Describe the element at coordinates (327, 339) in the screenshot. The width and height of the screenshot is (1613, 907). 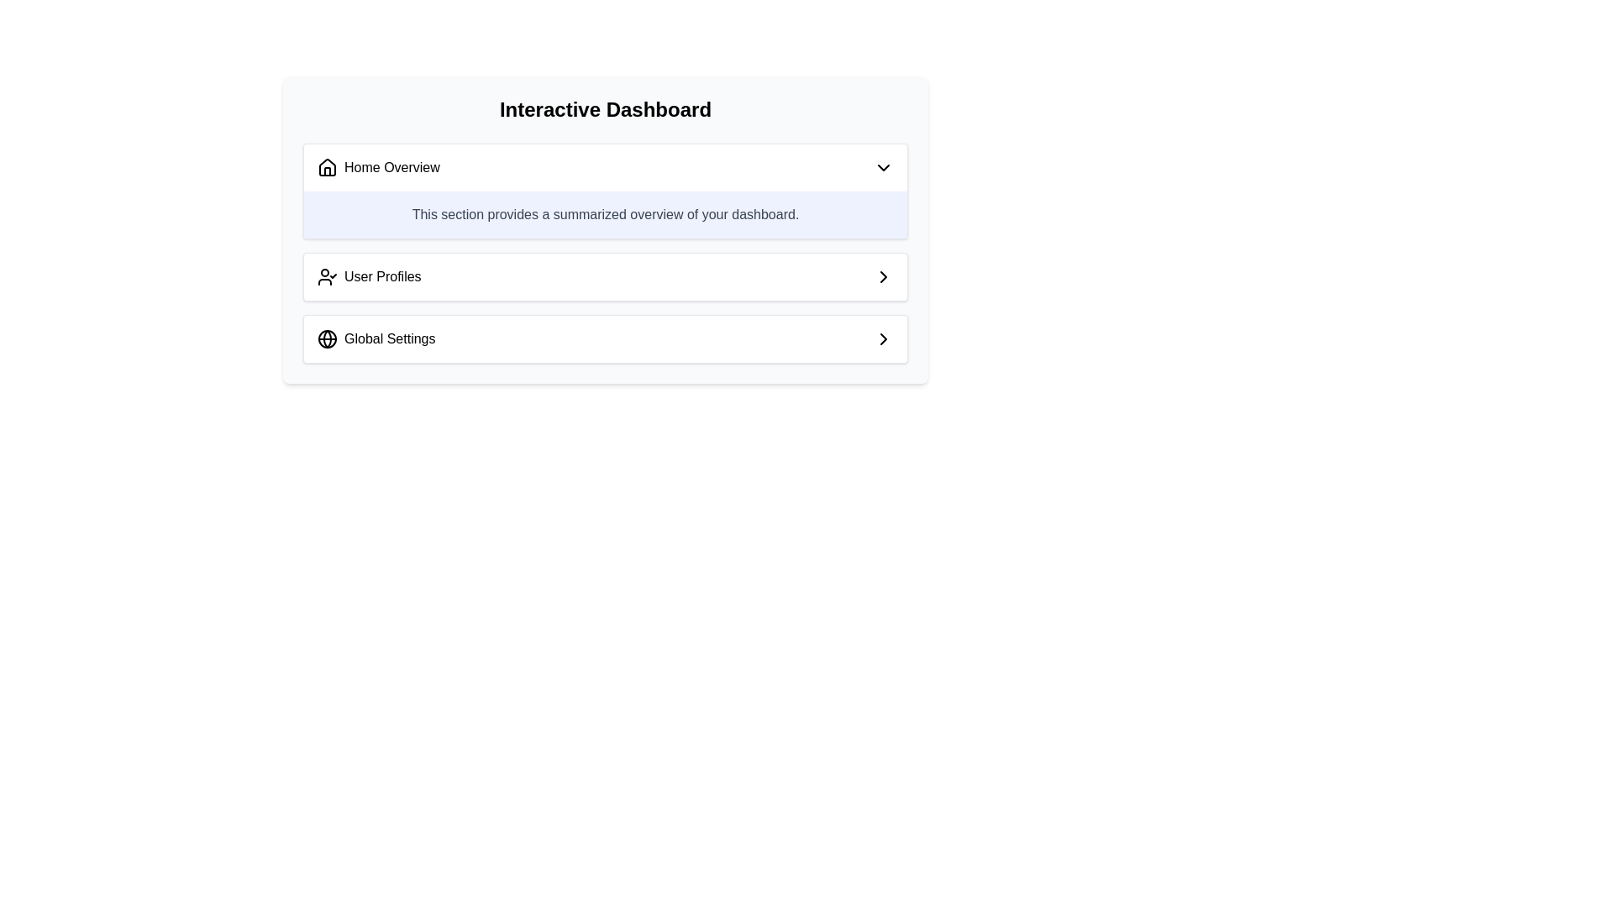
I see `the circular black globe icon located to the left of the 'Global Settings' text in the bottom section of the vertical list` at that location.